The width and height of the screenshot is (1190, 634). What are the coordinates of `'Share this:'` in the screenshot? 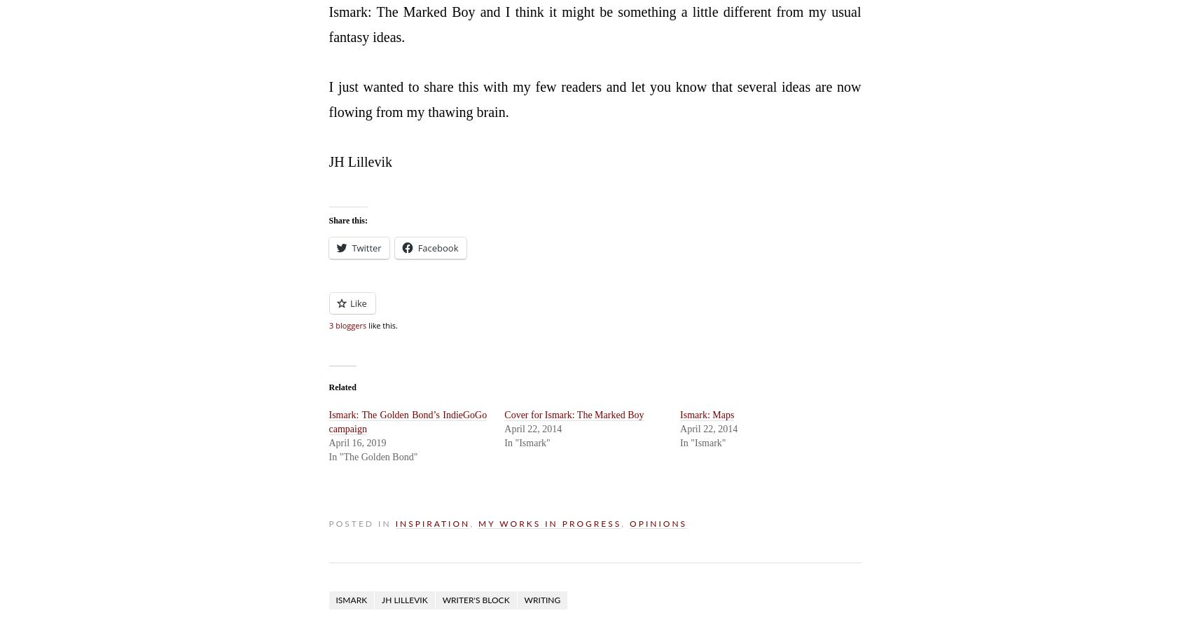 It's located at (347, 220).